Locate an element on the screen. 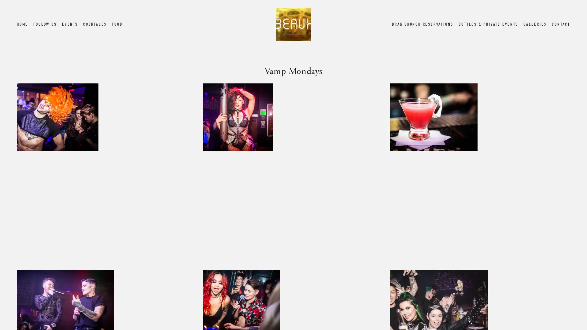 Image resolution: width=587 pixels, height=330 pixels. View fullsize Screen Shot 2019-04-10 at 4.51.08 PM.png is located at coordinates (293, 173).